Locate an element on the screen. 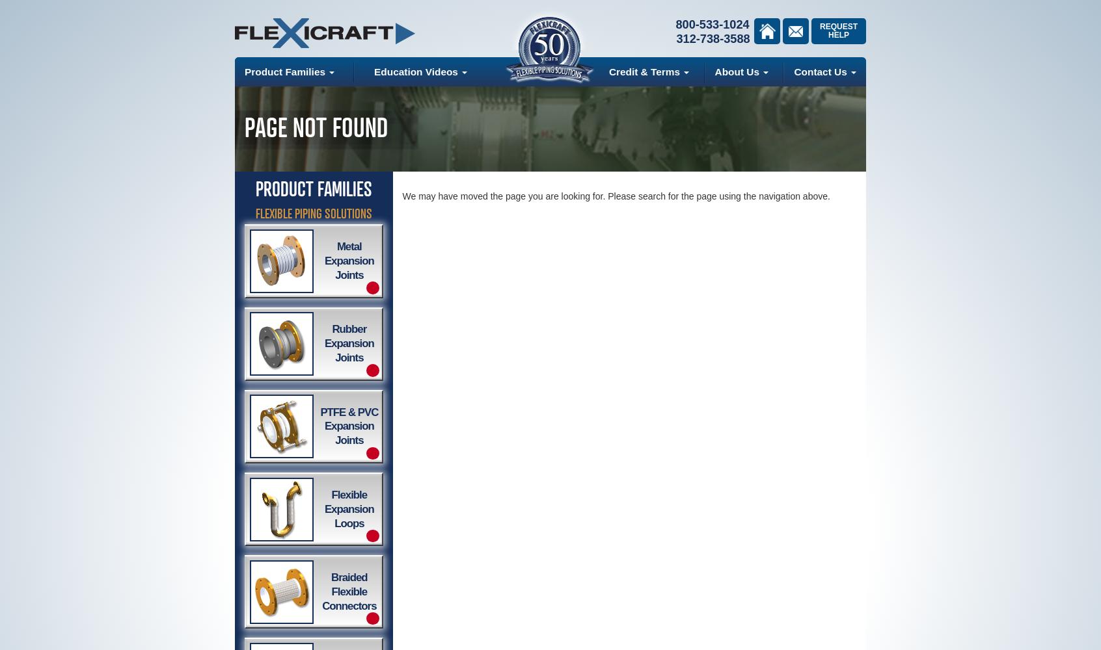 This screenshot has width=1101, height=650. '312-738-3588' is located at coordinates (713, 39).